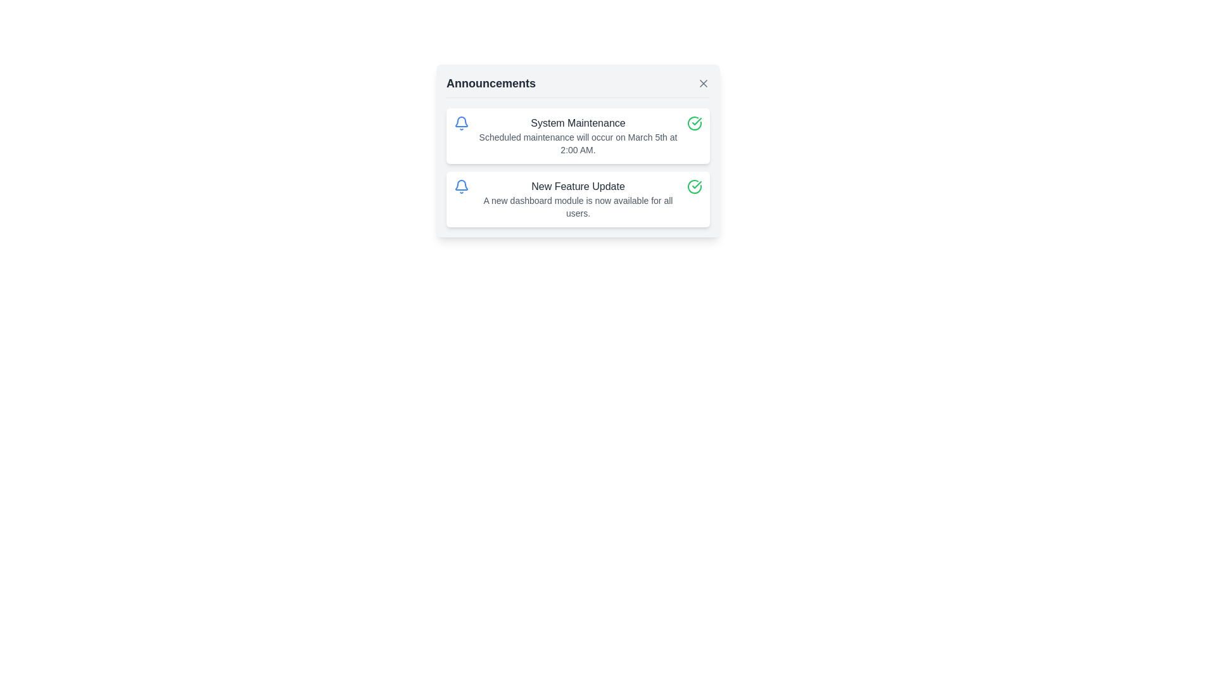  What do you see at coordinates (577, 186) in the screenshot?
I see `the title text of the second announcement notification block, which is centrally aligned below the bell icon, to focus on it` at bounding box center [577, 186].